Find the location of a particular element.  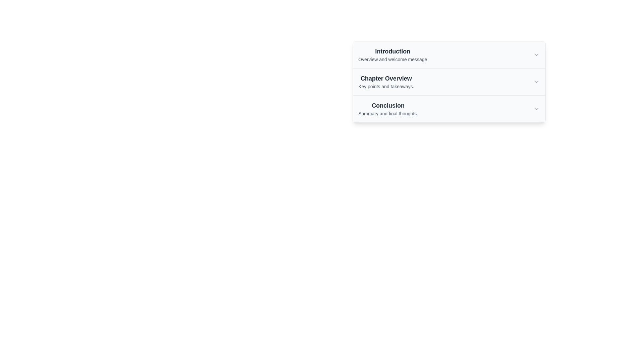

the toggle SVG icon located at the right edge of the 'Introduction' section header is located at coordinates (537, 54).